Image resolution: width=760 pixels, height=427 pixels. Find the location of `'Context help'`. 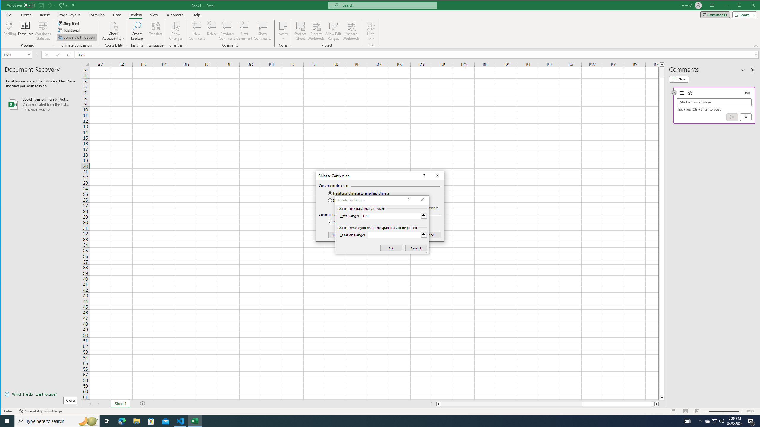

'Context help' is located at coordinates (423, 175).